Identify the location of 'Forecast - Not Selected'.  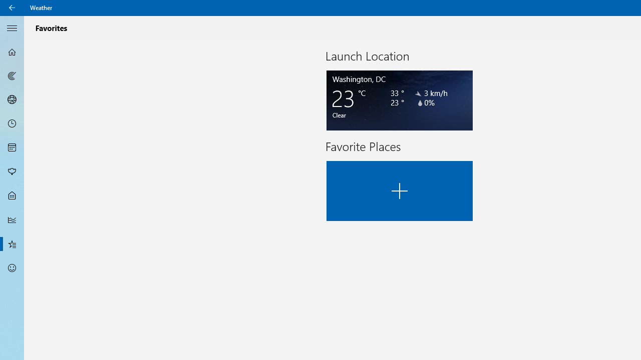
(12, 52).